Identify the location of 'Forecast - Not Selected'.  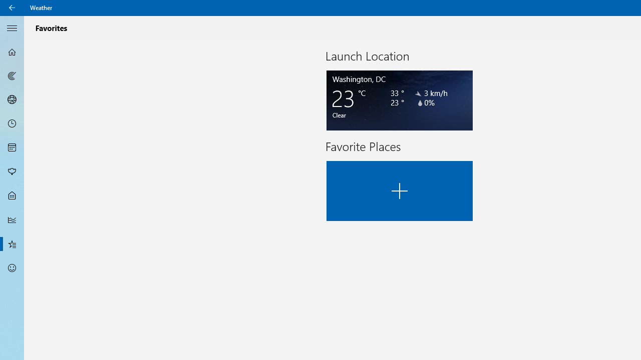
(12, 52).